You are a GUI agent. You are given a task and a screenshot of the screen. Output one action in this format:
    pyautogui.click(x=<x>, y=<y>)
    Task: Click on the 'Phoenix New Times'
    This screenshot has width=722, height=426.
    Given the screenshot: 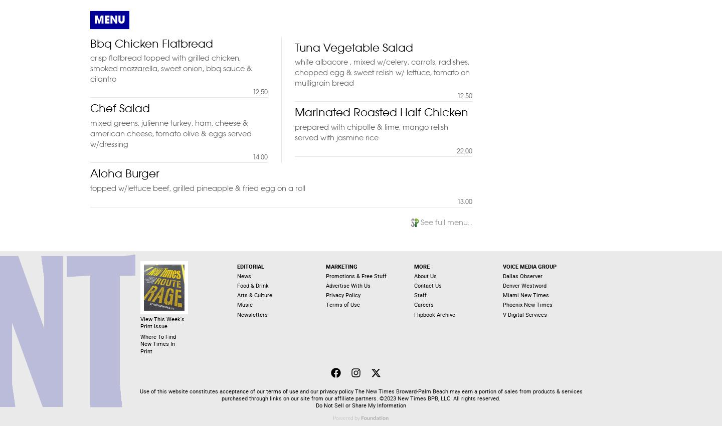 What is the action you would take?
    pyautogui.click(x=502, y=304)
    